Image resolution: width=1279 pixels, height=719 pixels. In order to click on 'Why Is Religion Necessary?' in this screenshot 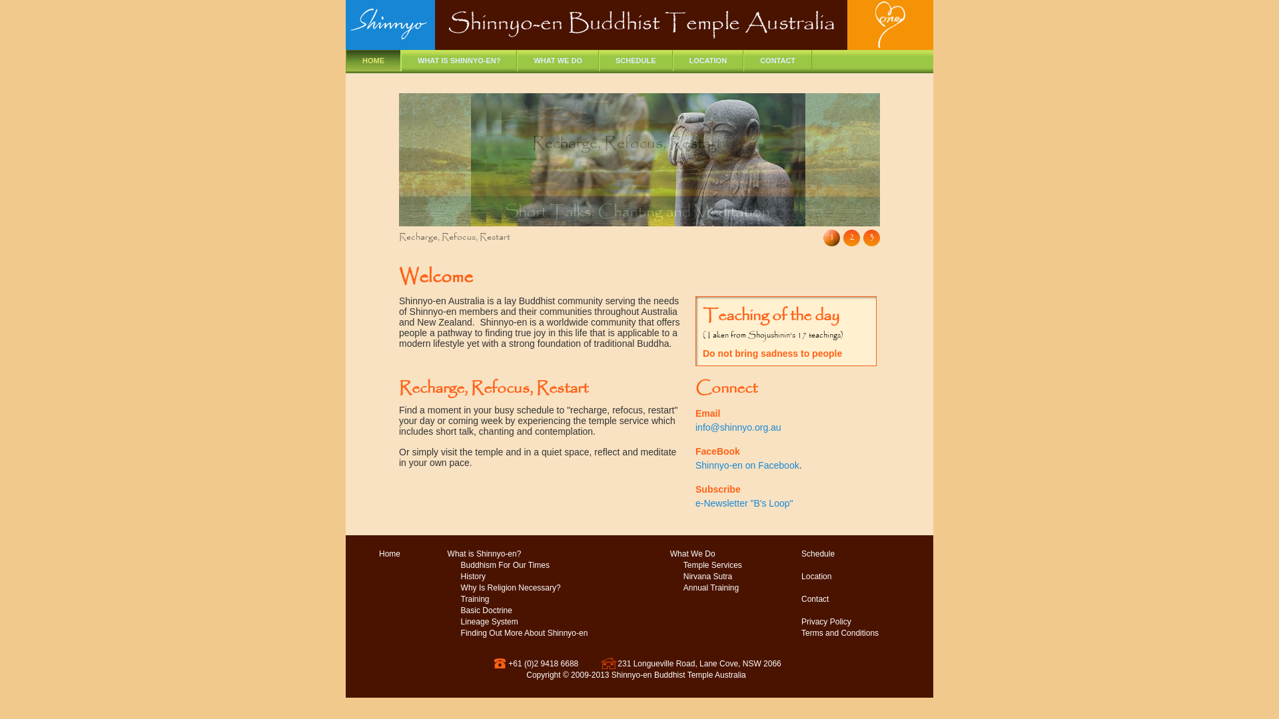, I will do `click(510, 587)`.